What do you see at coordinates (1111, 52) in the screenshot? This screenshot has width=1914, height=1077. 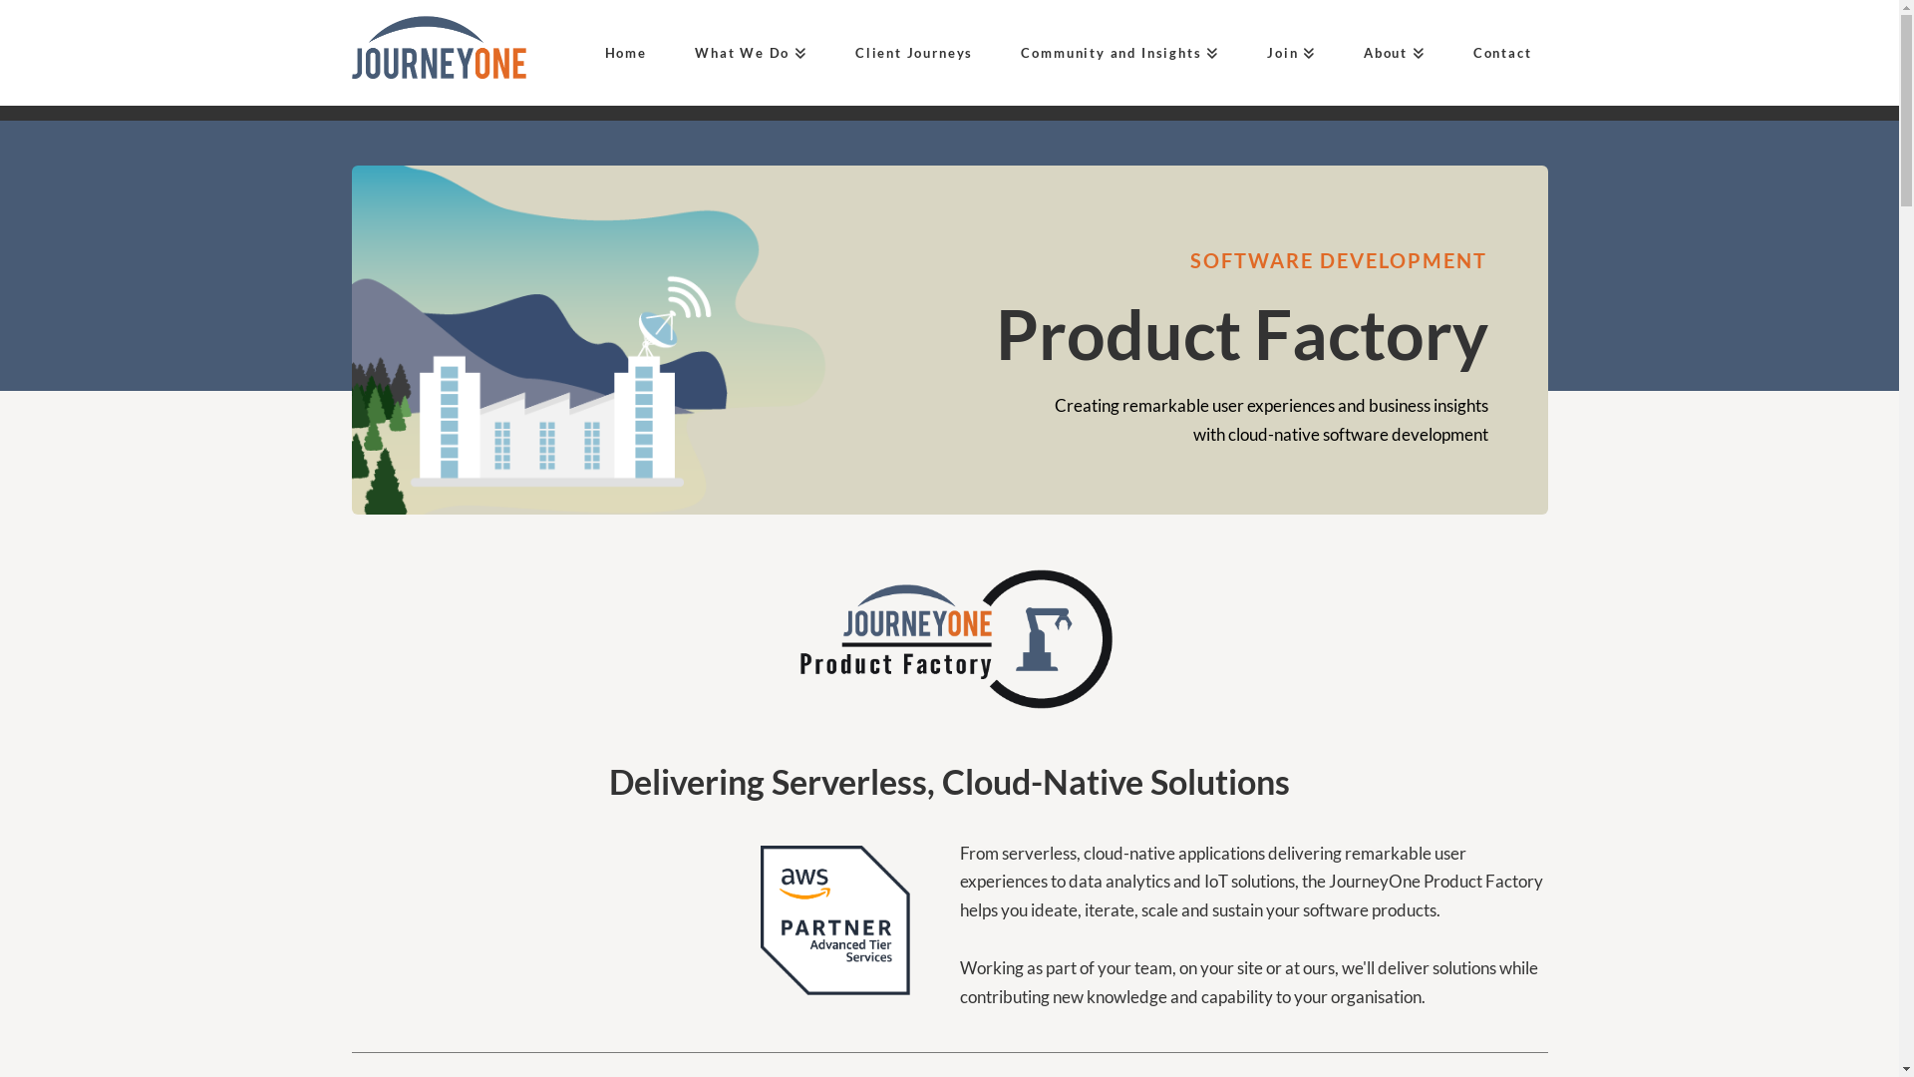 I see `'Community and Insights'` at bounding box center [1111, 52].